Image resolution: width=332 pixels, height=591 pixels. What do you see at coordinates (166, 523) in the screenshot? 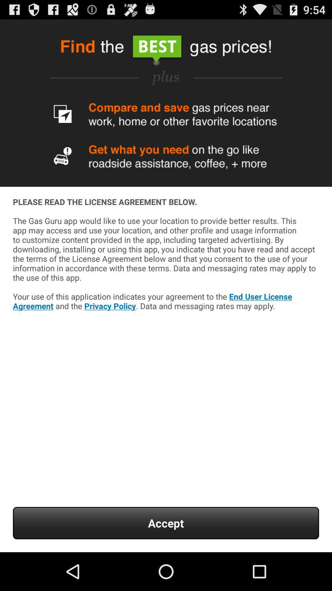
I see `the accept item` at bounding box center [166, 523].